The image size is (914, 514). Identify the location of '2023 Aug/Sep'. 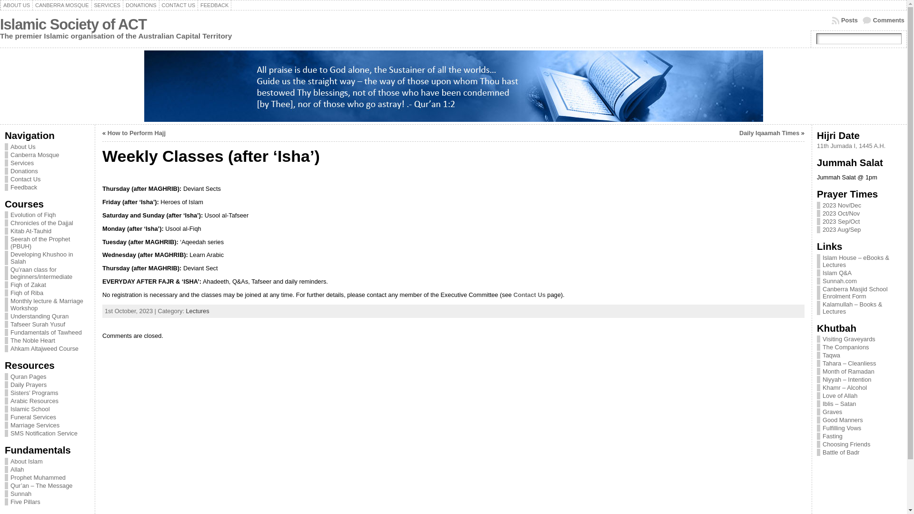
(841, 229).